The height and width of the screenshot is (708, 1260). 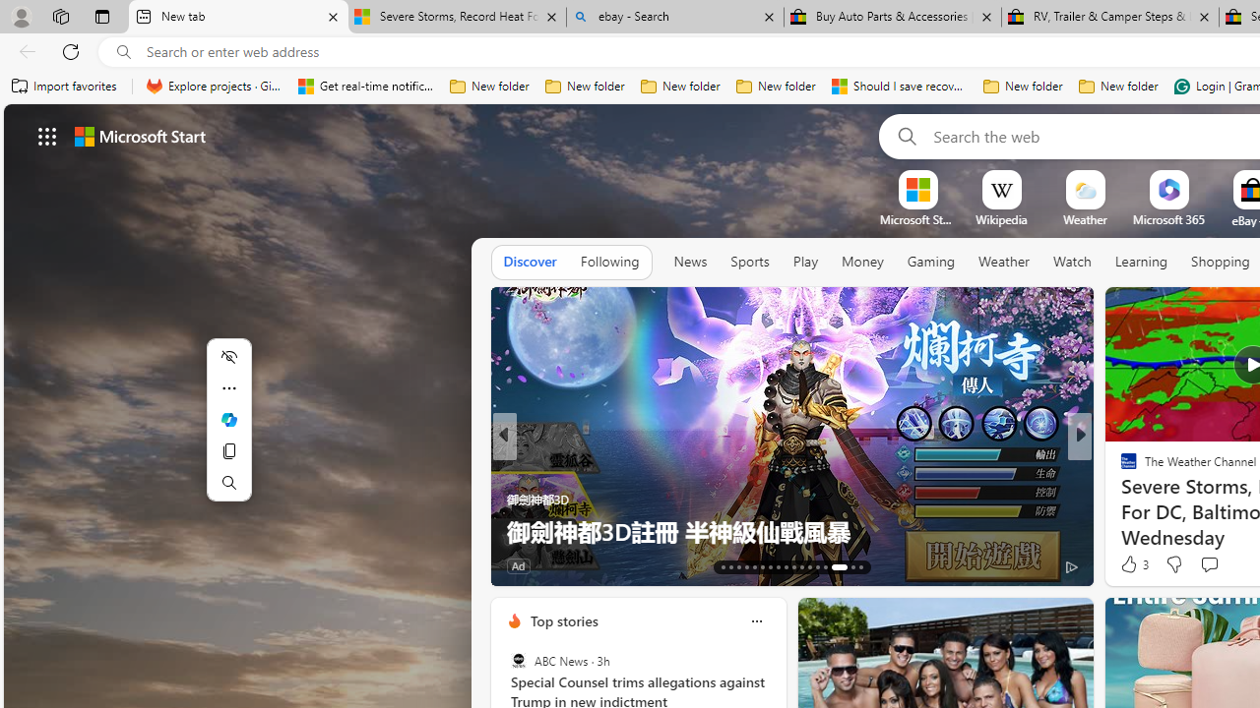 What do you see at coordinates (562, 620) in the screenshot?
I see `'Top stories'` at bounding box center [562, 620].